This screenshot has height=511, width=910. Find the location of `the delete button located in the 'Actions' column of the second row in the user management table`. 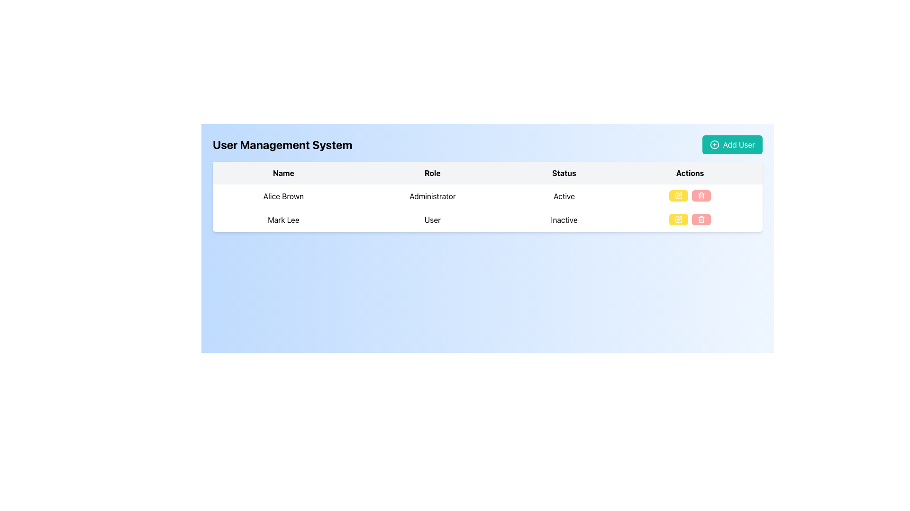

the delete button located in the 'Actions' column of the second row in the user management table is located at coordinates (701, 219).